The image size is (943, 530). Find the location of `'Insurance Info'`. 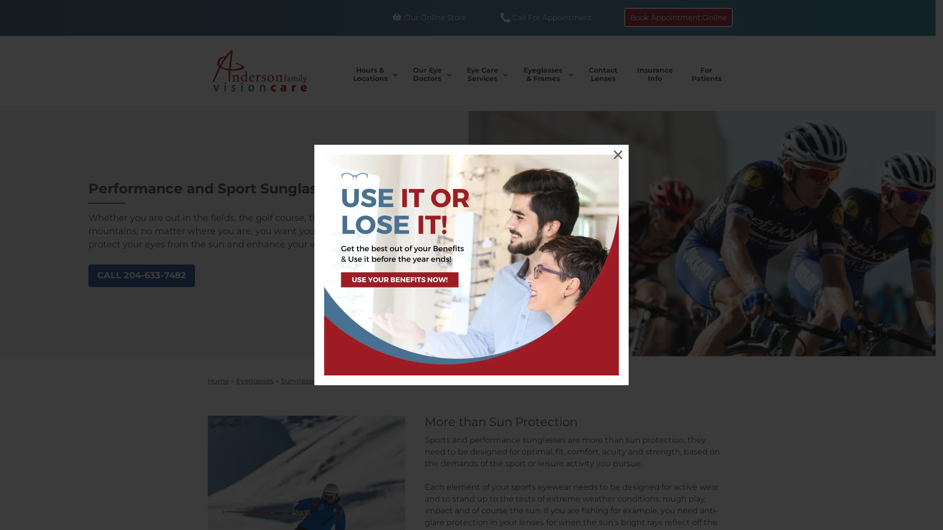

'Insurance Info' is located at coordinates (627, 74).